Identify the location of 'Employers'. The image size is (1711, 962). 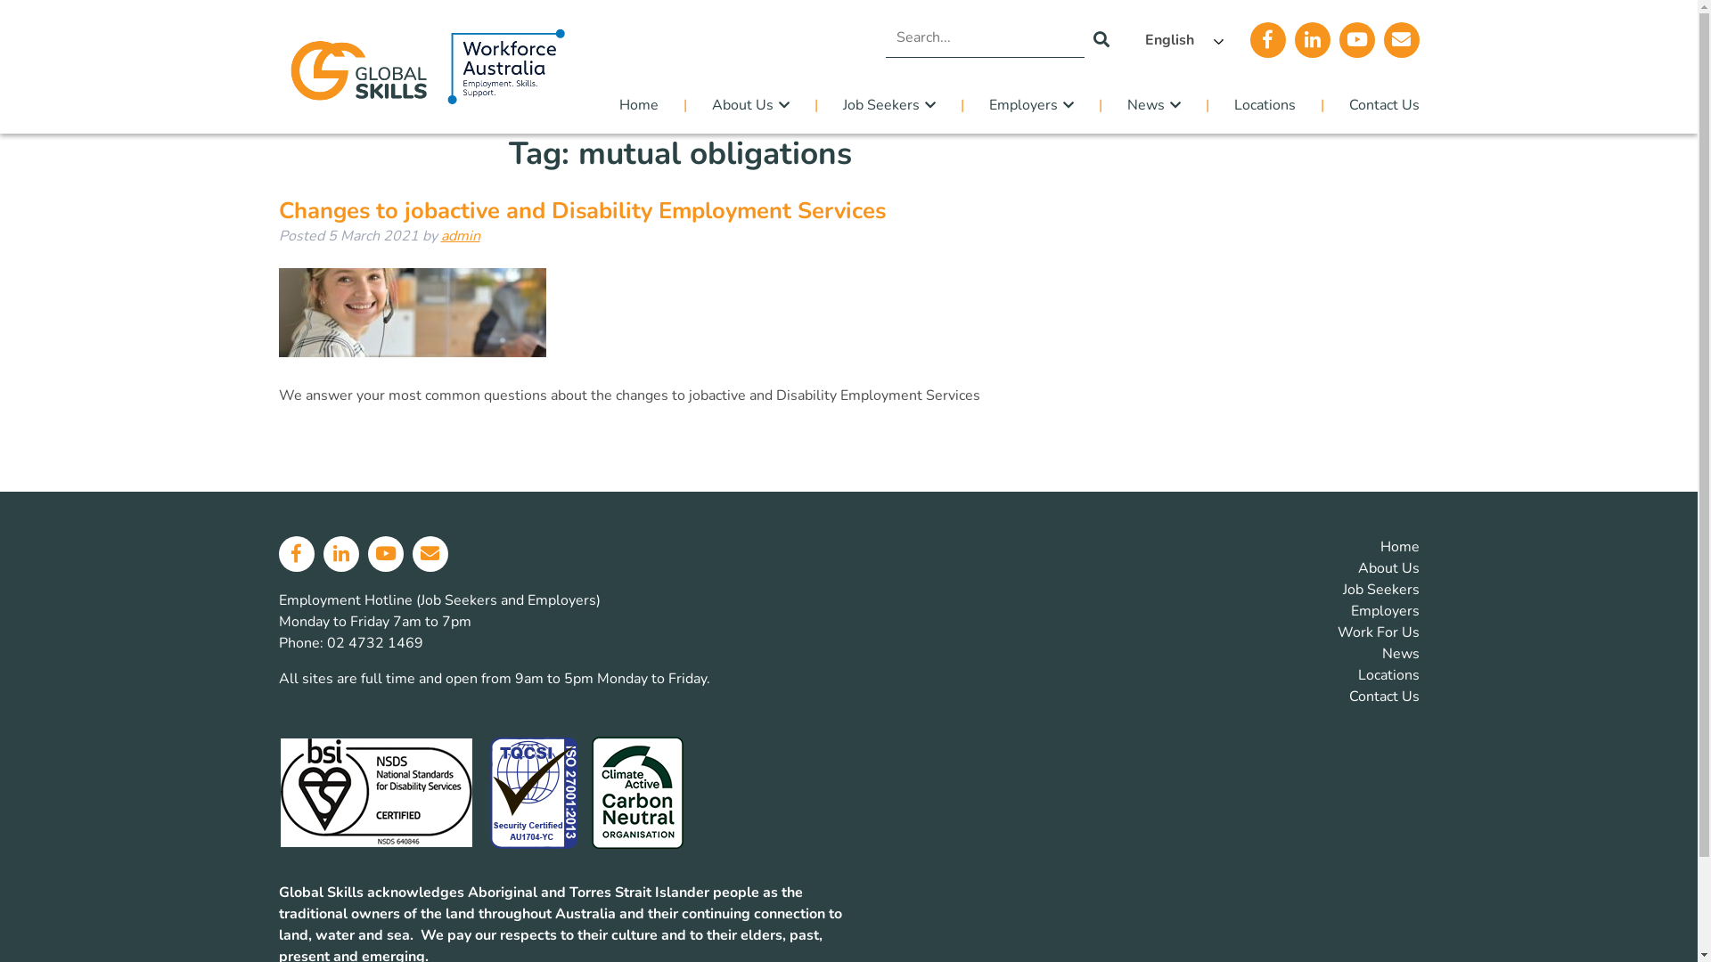
(1384, 610).